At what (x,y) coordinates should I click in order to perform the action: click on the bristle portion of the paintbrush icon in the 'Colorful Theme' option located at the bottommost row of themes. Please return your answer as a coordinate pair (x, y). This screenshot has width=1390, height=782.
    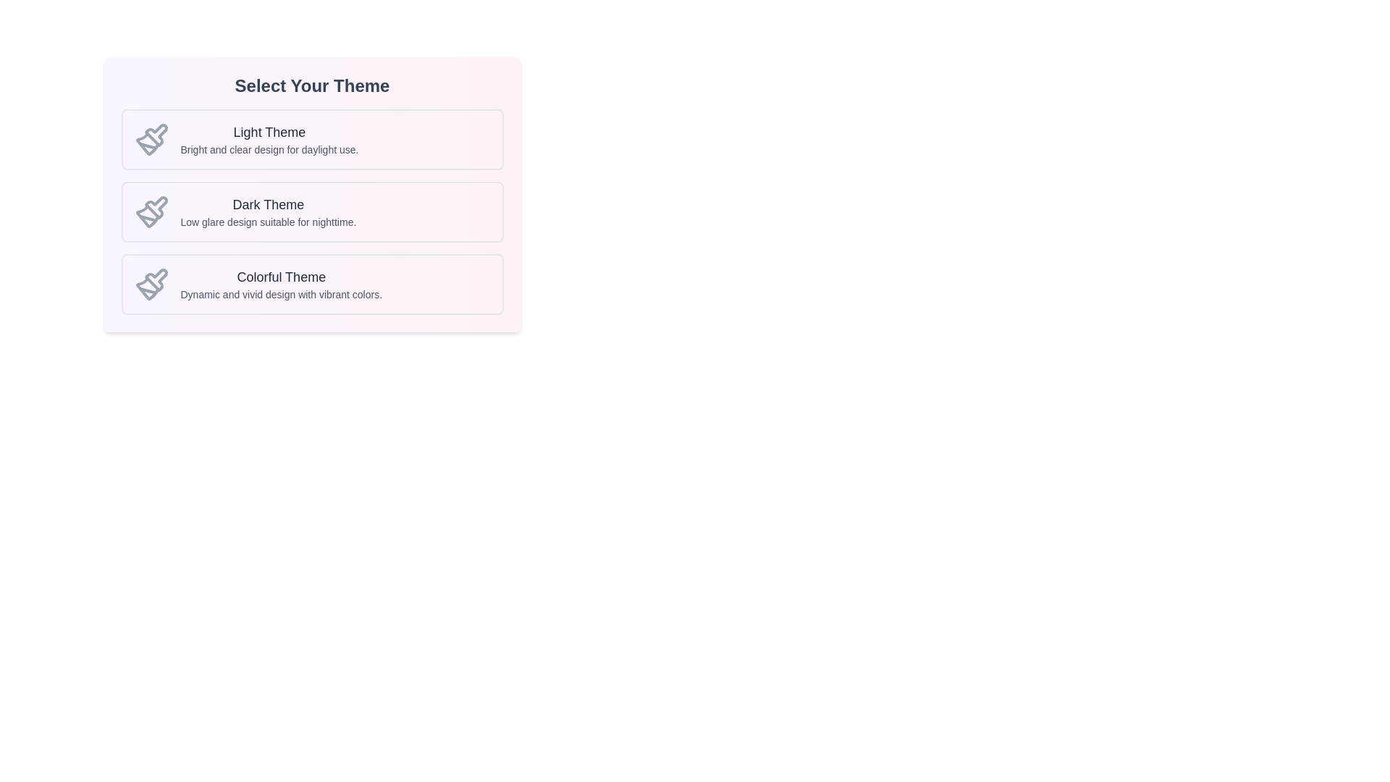
    Looking at the image, I should click on (148, 290).